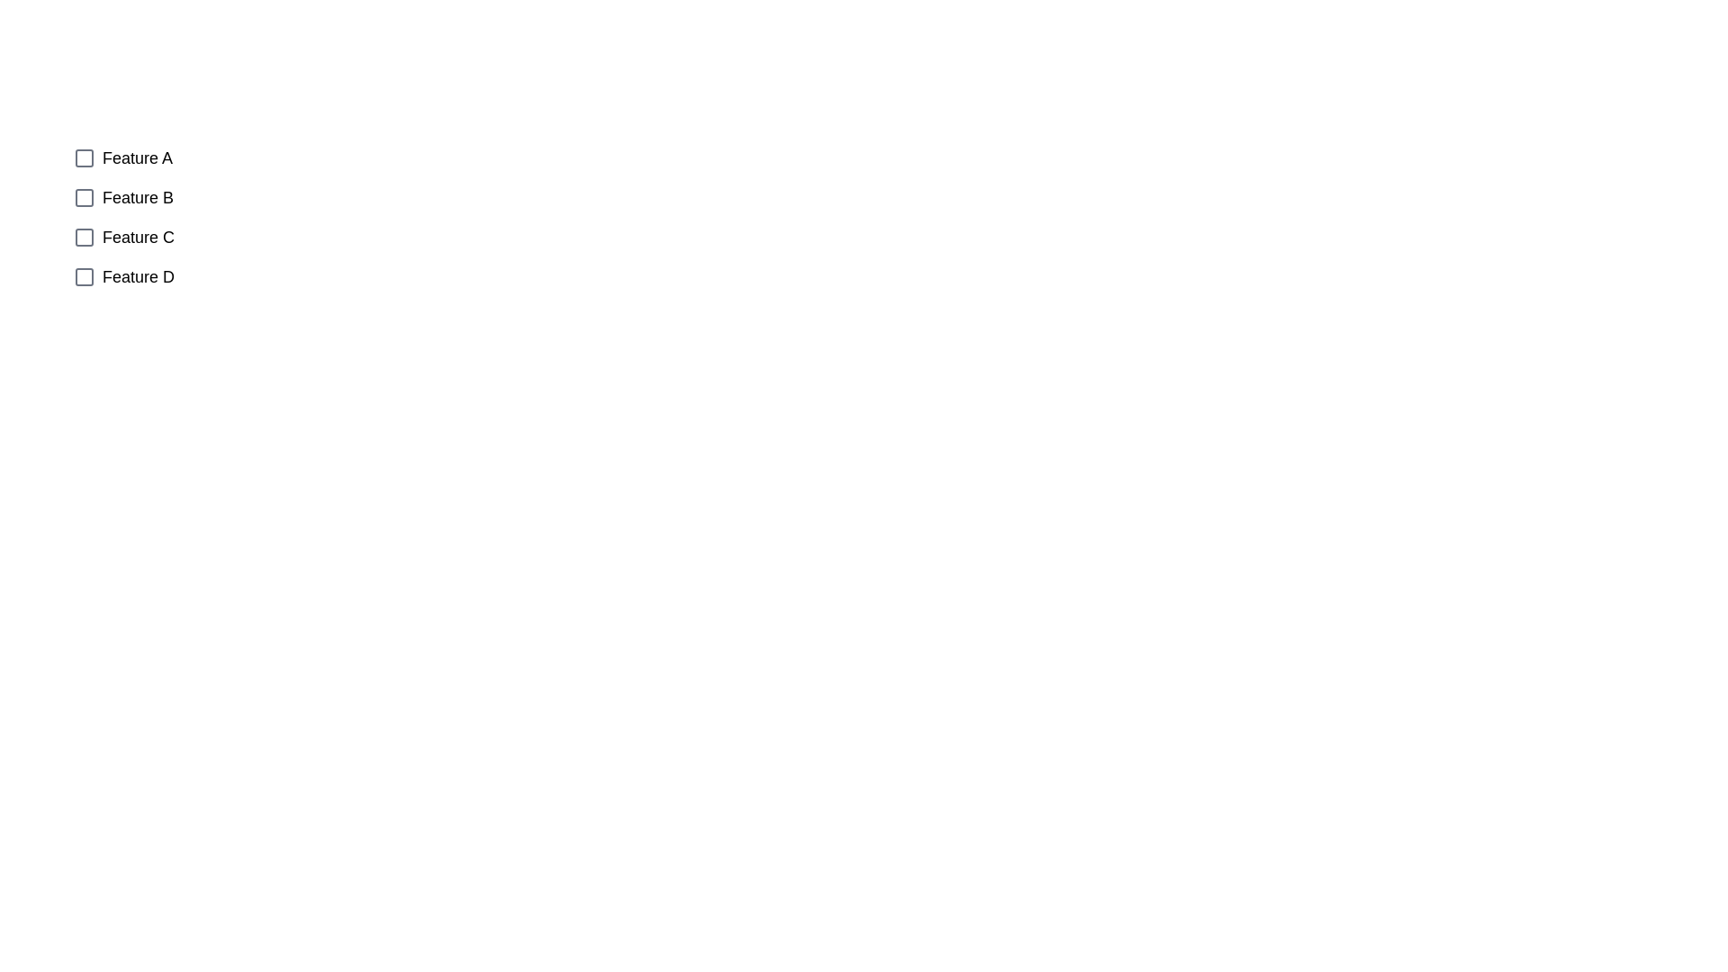 This screenshot has width=1728, height=972. Describe the element at coordinates (123, 236) in the screenshot. I see `the checkbox corresponding to Feature C to observe its position` at that location.